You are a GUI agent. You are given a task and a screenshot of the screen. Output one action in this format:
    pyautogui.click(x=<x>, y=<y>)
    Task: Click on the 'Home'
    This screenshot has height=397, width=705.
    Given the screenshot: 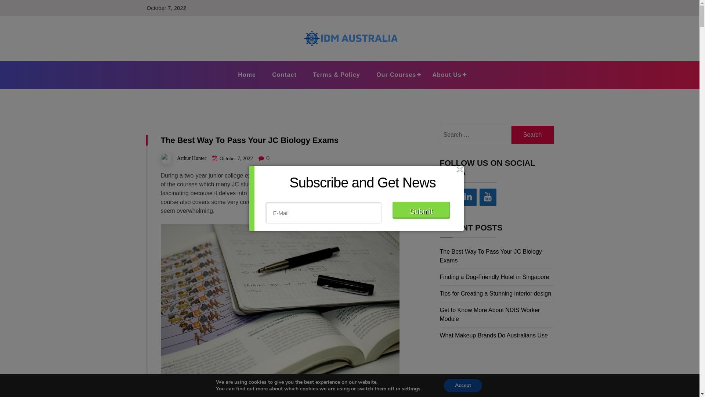 What is the action you would take?
    pyautogui.click(x=247, y=75)
    